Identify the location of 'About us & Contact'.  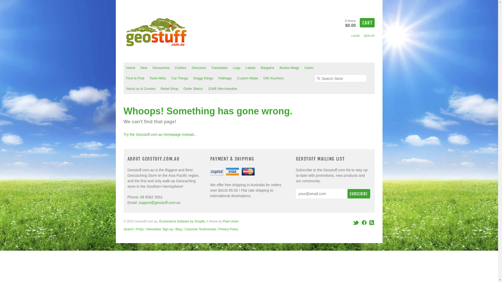
(140, 88).